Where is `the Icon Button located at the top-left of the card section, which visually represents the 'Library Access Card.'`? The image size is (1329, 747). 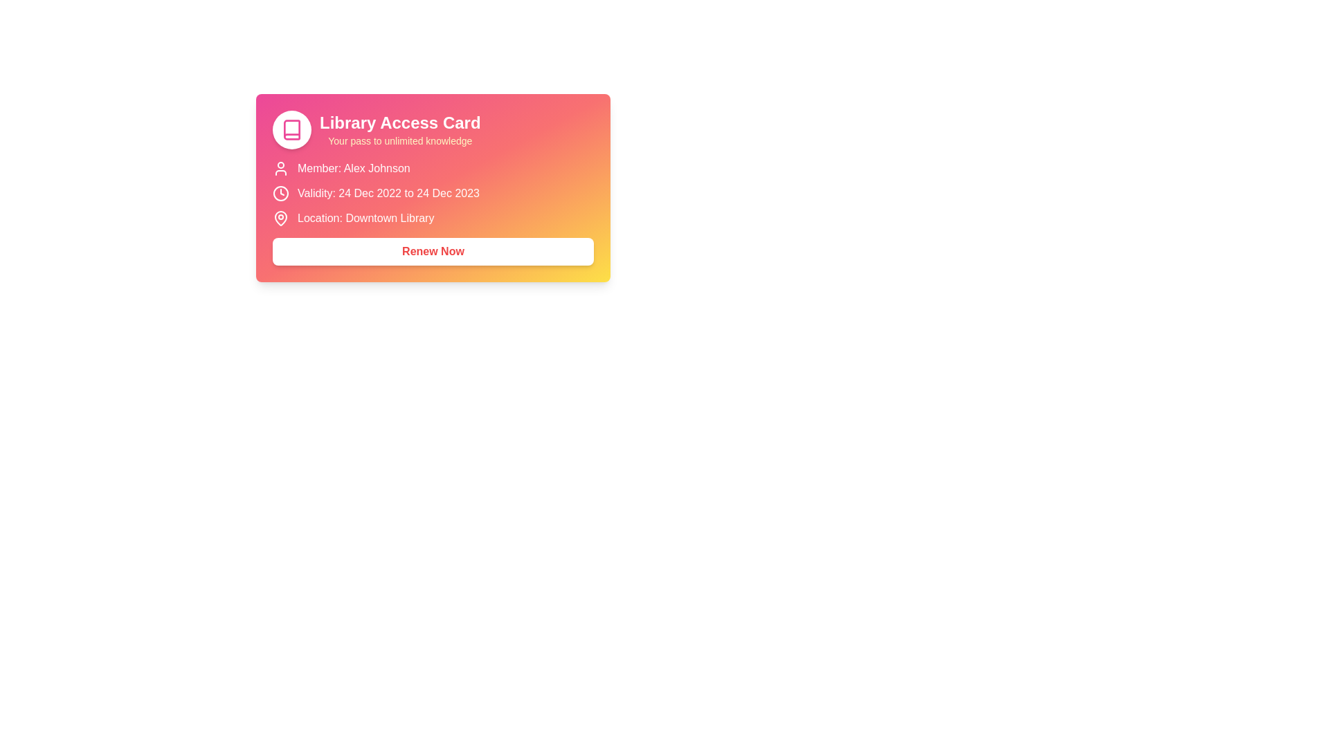
the Icon Button located at the top-left of the card section, which visually represents the 'Library Access Card.' is located at coordinates (291, 130).